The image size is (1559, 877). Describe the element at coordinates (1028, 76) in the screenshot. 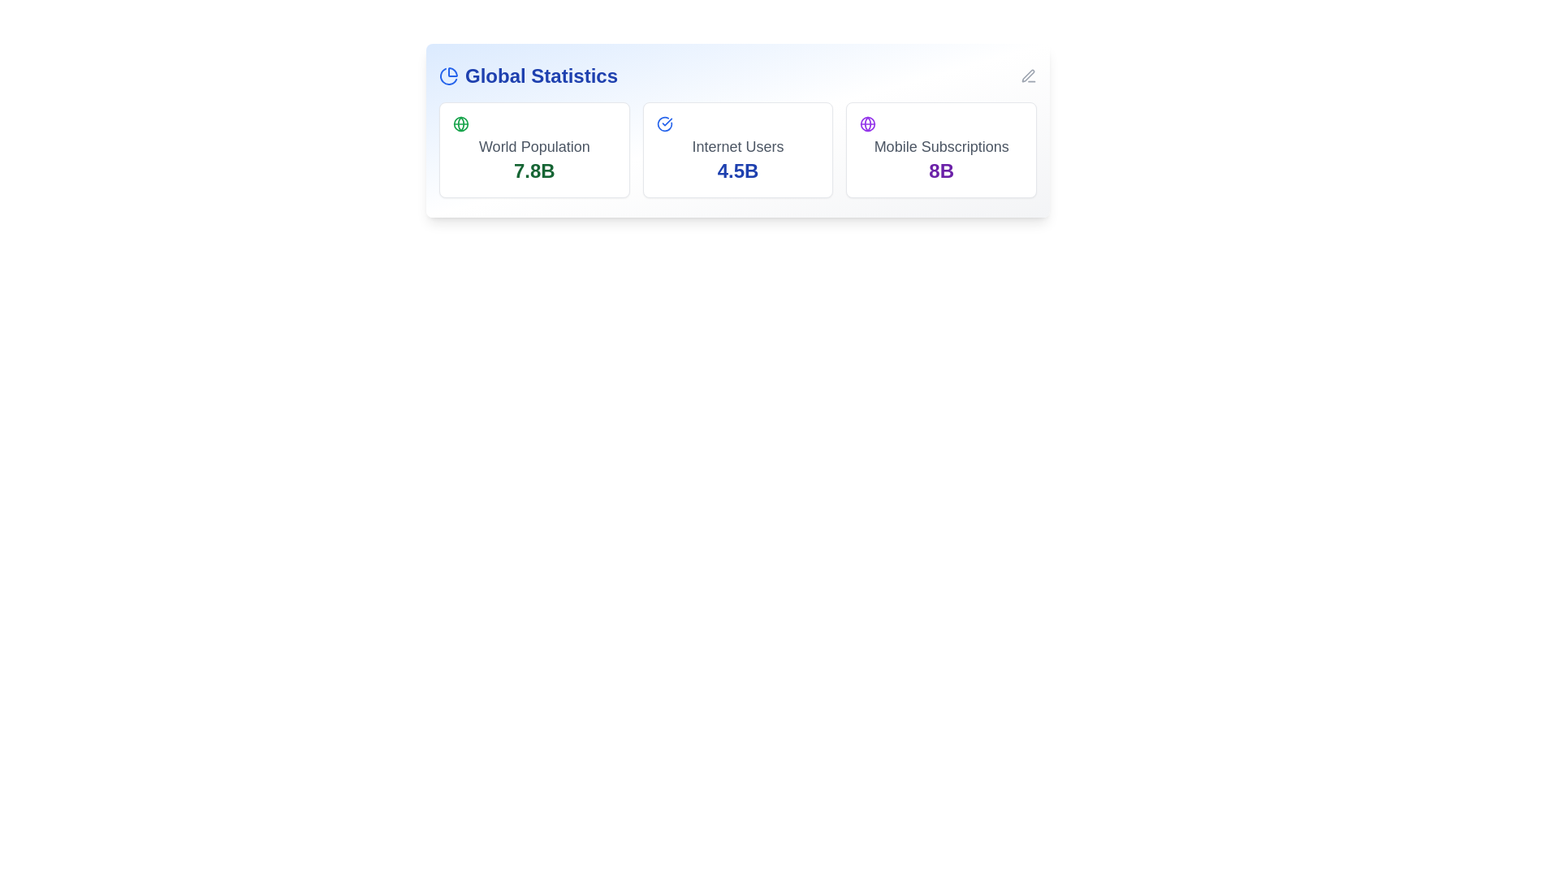

I see `the pen-like icon located at the far right end of the 'Global Statistics' header to initiate editing` at that location.